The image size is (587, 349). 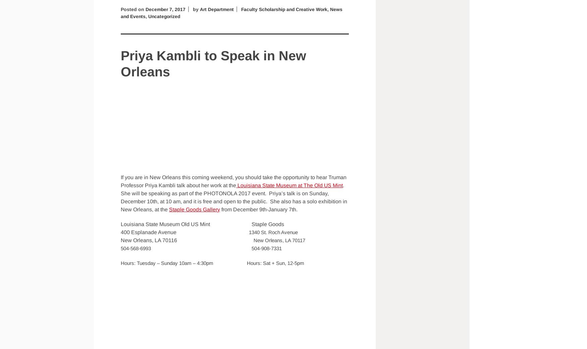 What do you see at coordinates (279, 239) in the screenshot?
I see `'New Orleans, LA 70117'` at bounding box center [279, 239].